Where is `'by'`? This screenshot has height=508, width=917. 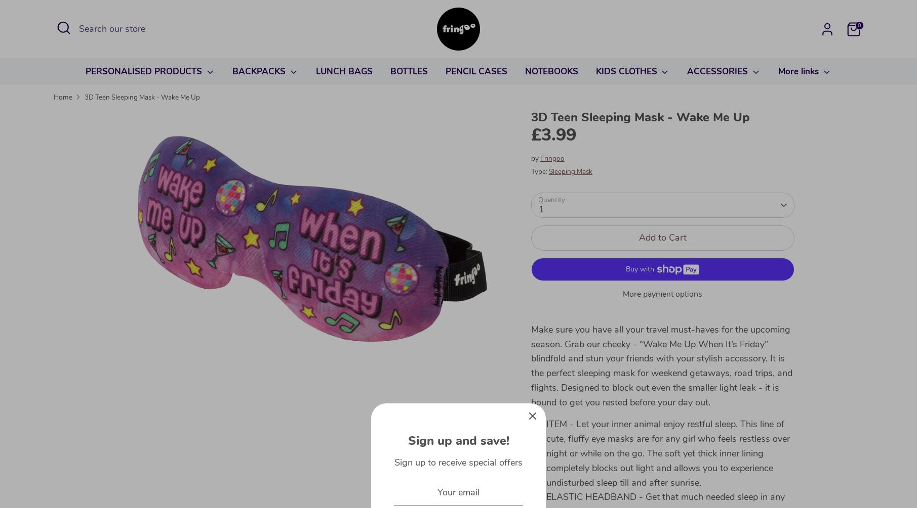 'by' is located at coordinates (535, 157).